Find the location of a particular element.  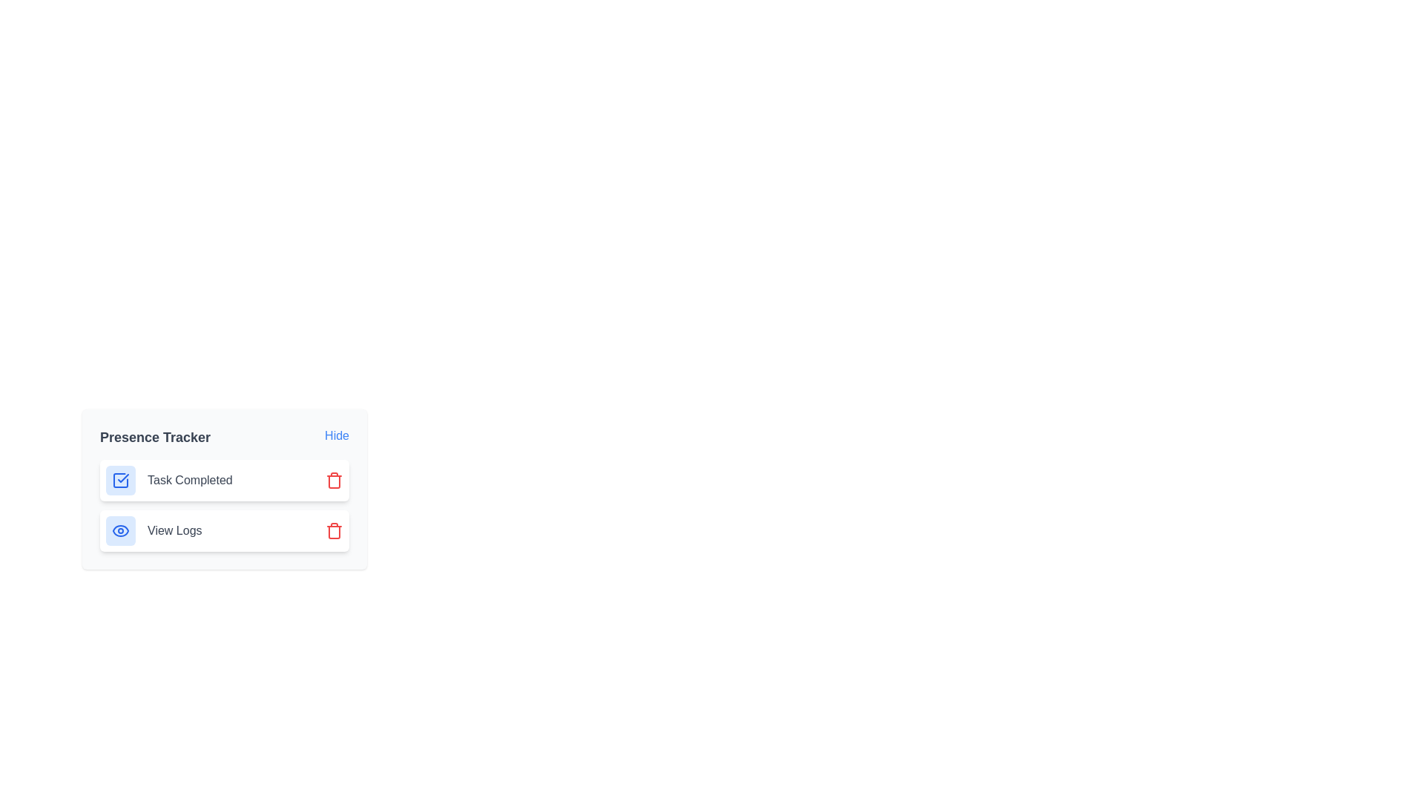

the checkbox icon of the completed task entry, which is the first item in the 'Presence Tracker' list is located at coordinates (223, 481).